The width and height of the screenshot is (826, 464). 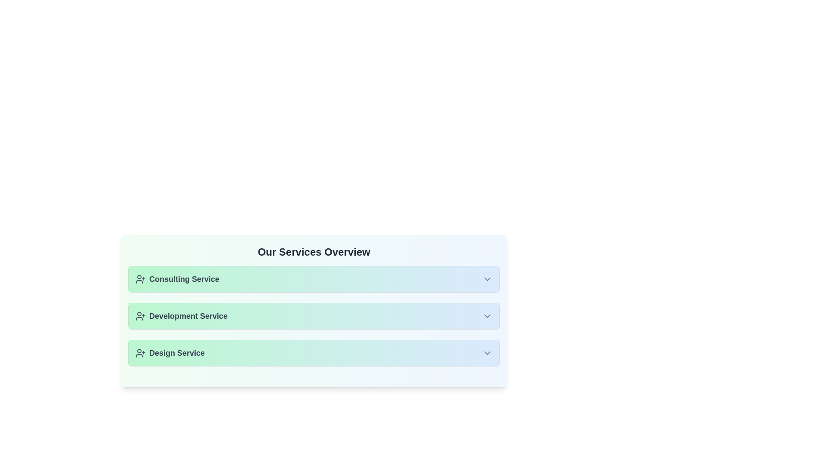 I want to click on the 'Development Service' collapsible menu item located in the 'Our Services Overview' section, so click(x=313, y=316).